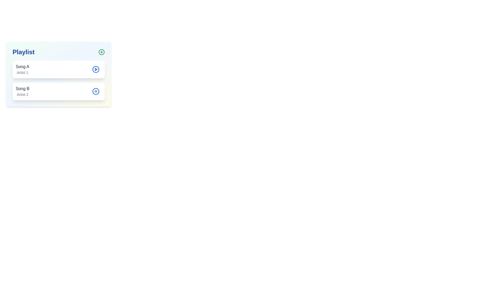  What do you see at coordinates (96, 69) in the screenshot?
I see `the play button for 'Song A'` at bounding box center [96, 69].